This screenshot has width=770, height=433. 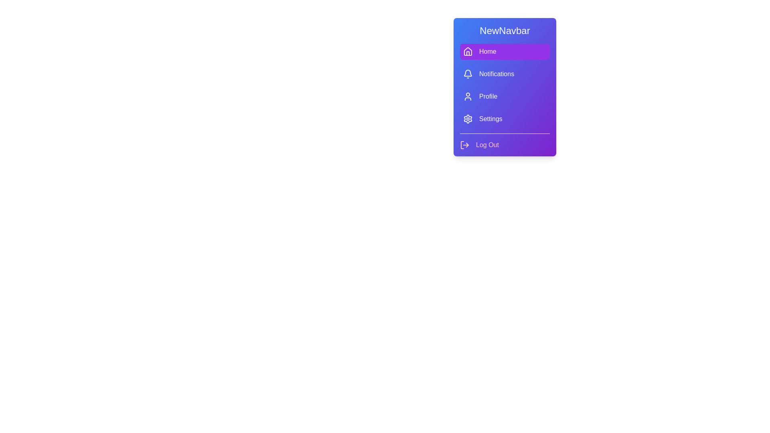 What do you see at coordinates (468, 119) in the screenshot?
I see `the gear-shaped icon in the settings menu` at bounding box center [468, 119].